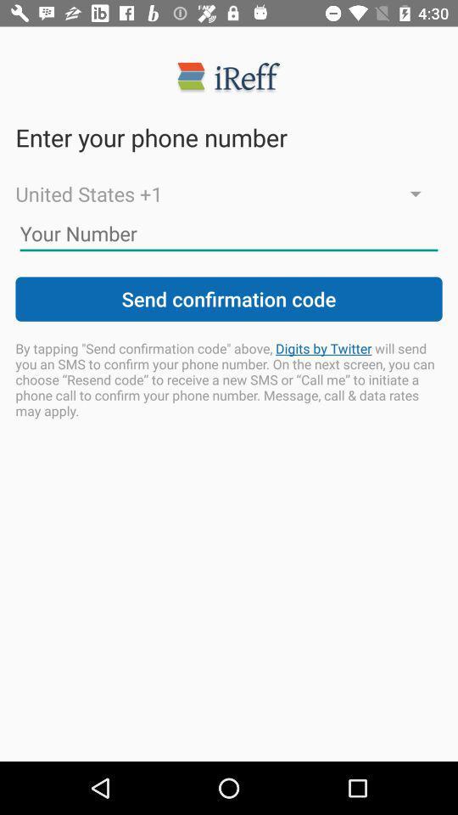  I want to click on phone number field, so click(229, 233).